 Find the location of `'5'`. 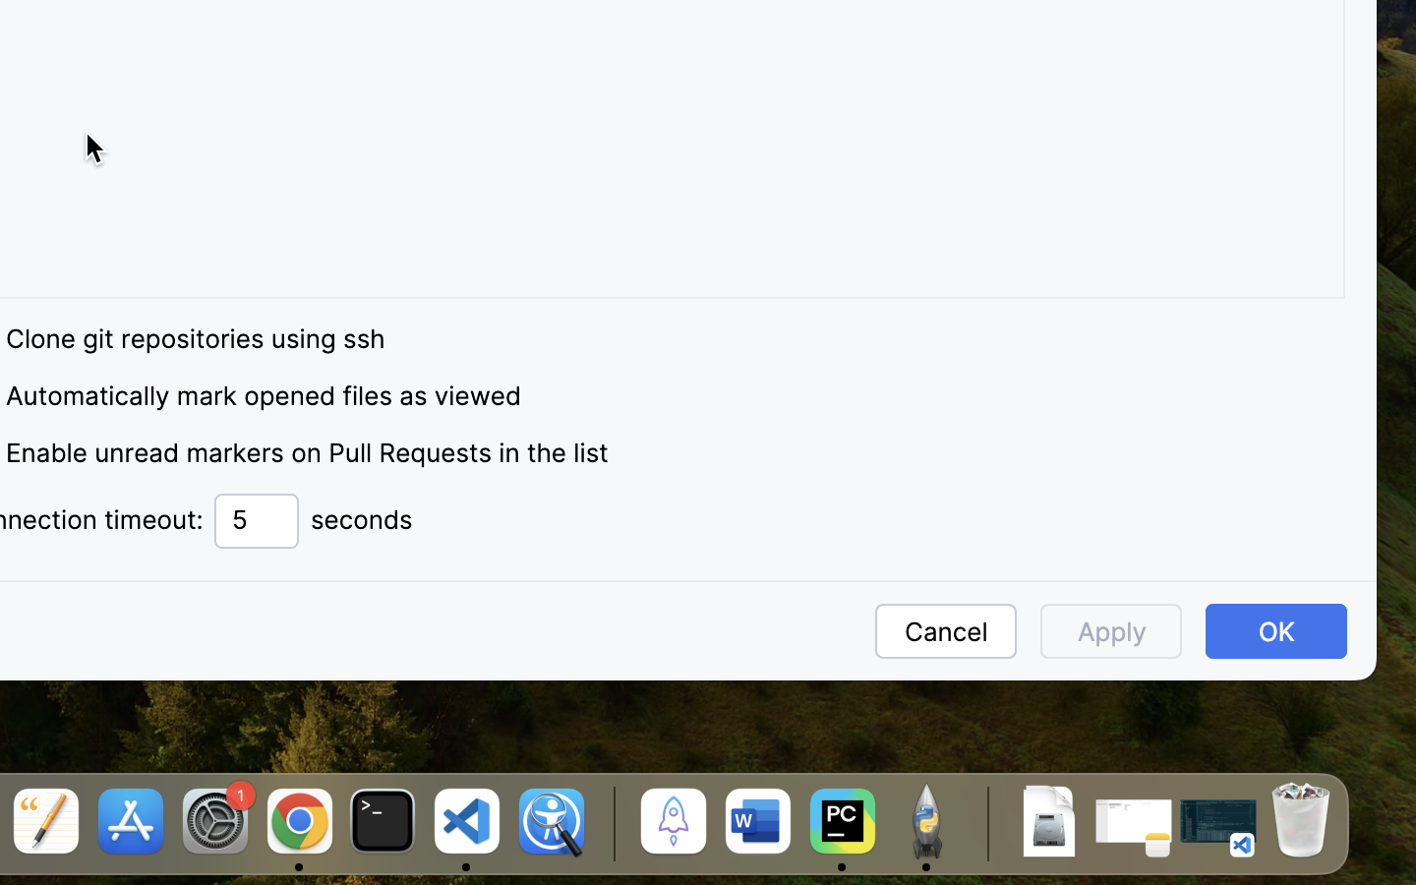

'5' is located at coordinates (256, 520).